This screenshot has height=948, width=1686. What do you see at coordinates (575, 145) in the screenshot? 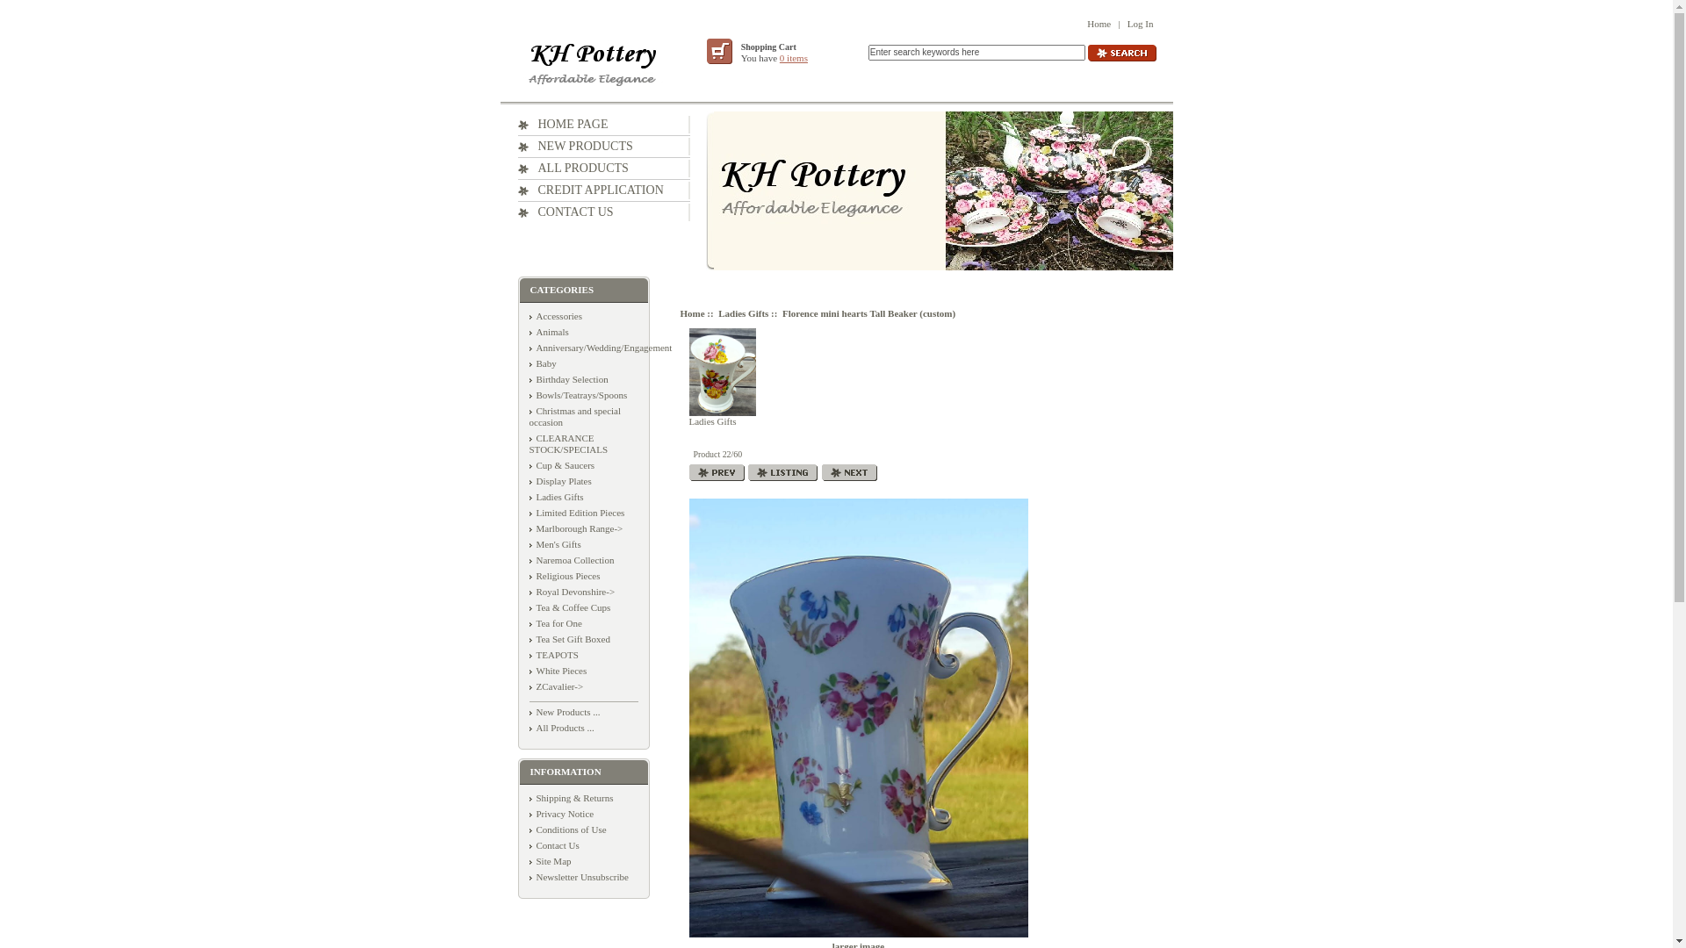
I see `'NEW PRODUCTS'` at bounding box center [575, 145].